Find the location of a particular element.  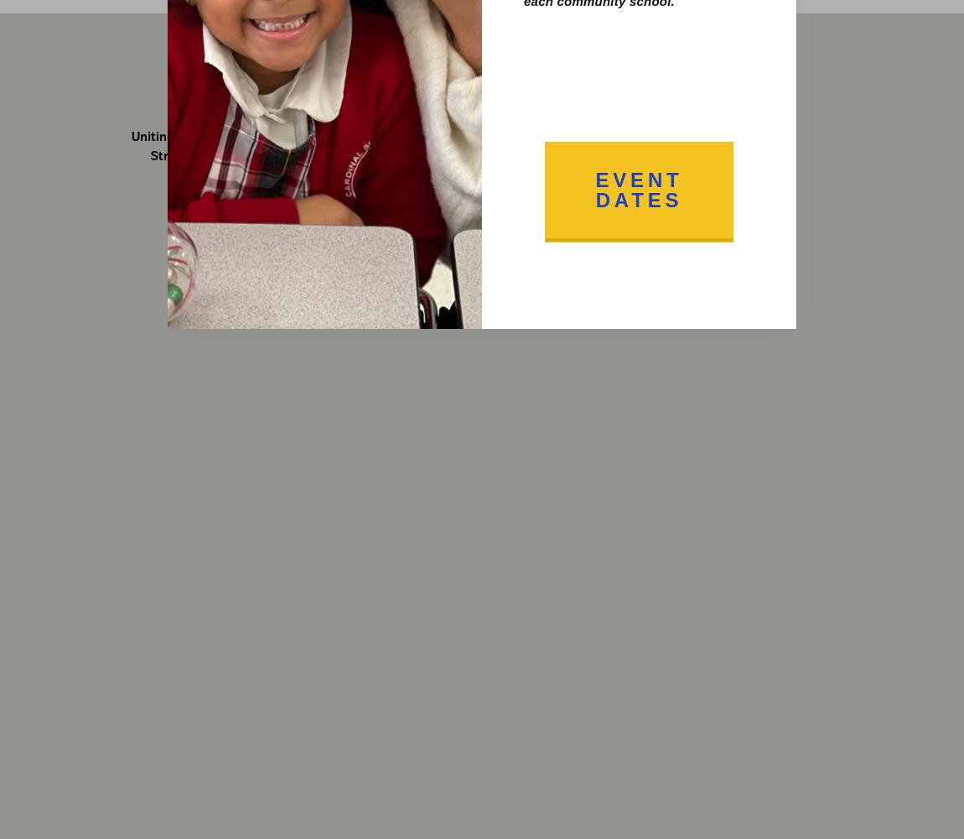

'NEWS & EVENTS' is located at coordinates (534, 57).